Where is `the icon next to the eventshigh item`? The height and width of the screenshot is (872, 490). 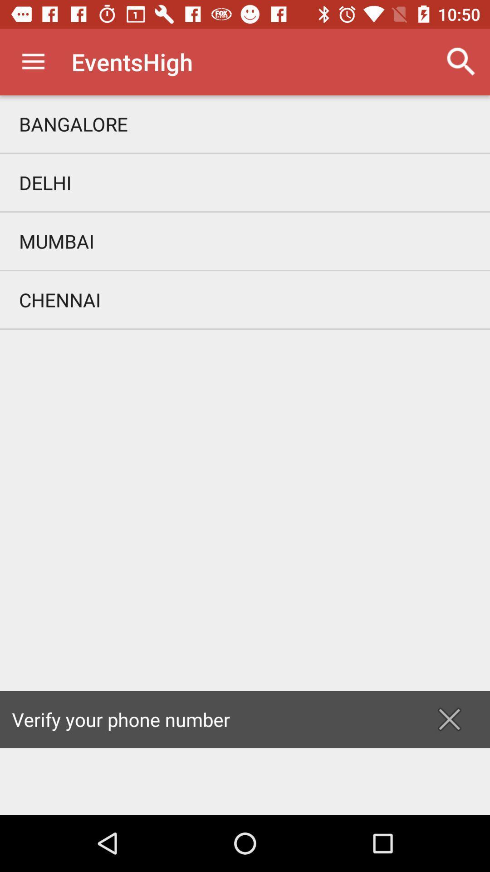
the icon next to the eventshigh item is located at coordinates (461, 61).